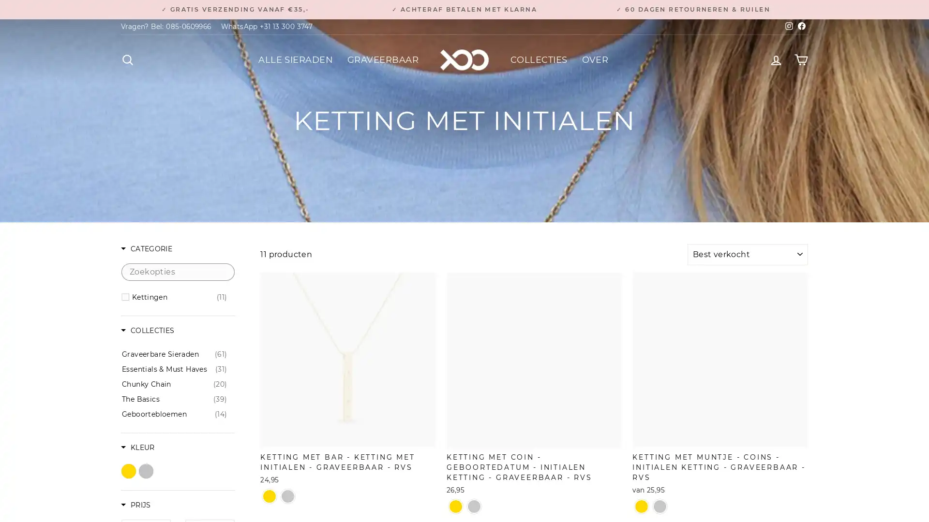 The height and width of the screenshot is (522, 929). I want to click on Filter by Categorie, so click(146, 249).